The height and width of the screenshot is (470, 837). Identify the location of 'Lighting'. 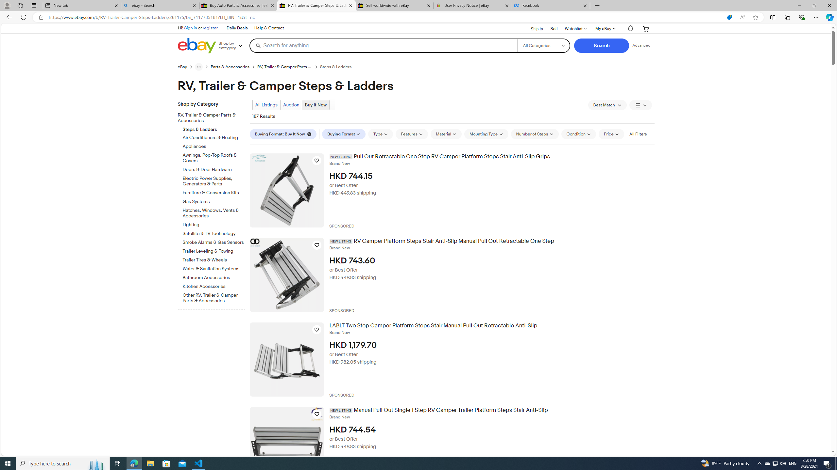
(214, 225).